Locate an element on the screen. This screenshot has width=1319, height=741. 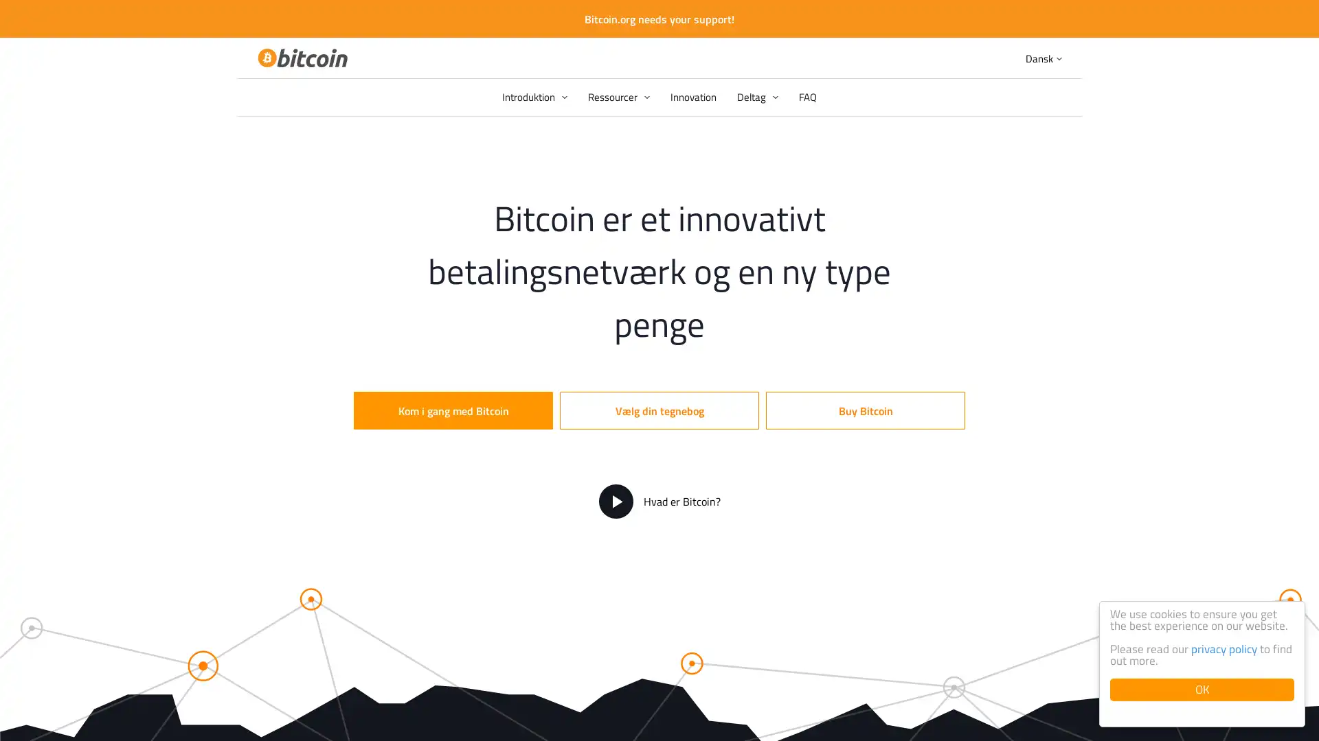
Hvad er Bitcoin? is located at coordinates (658, 502).